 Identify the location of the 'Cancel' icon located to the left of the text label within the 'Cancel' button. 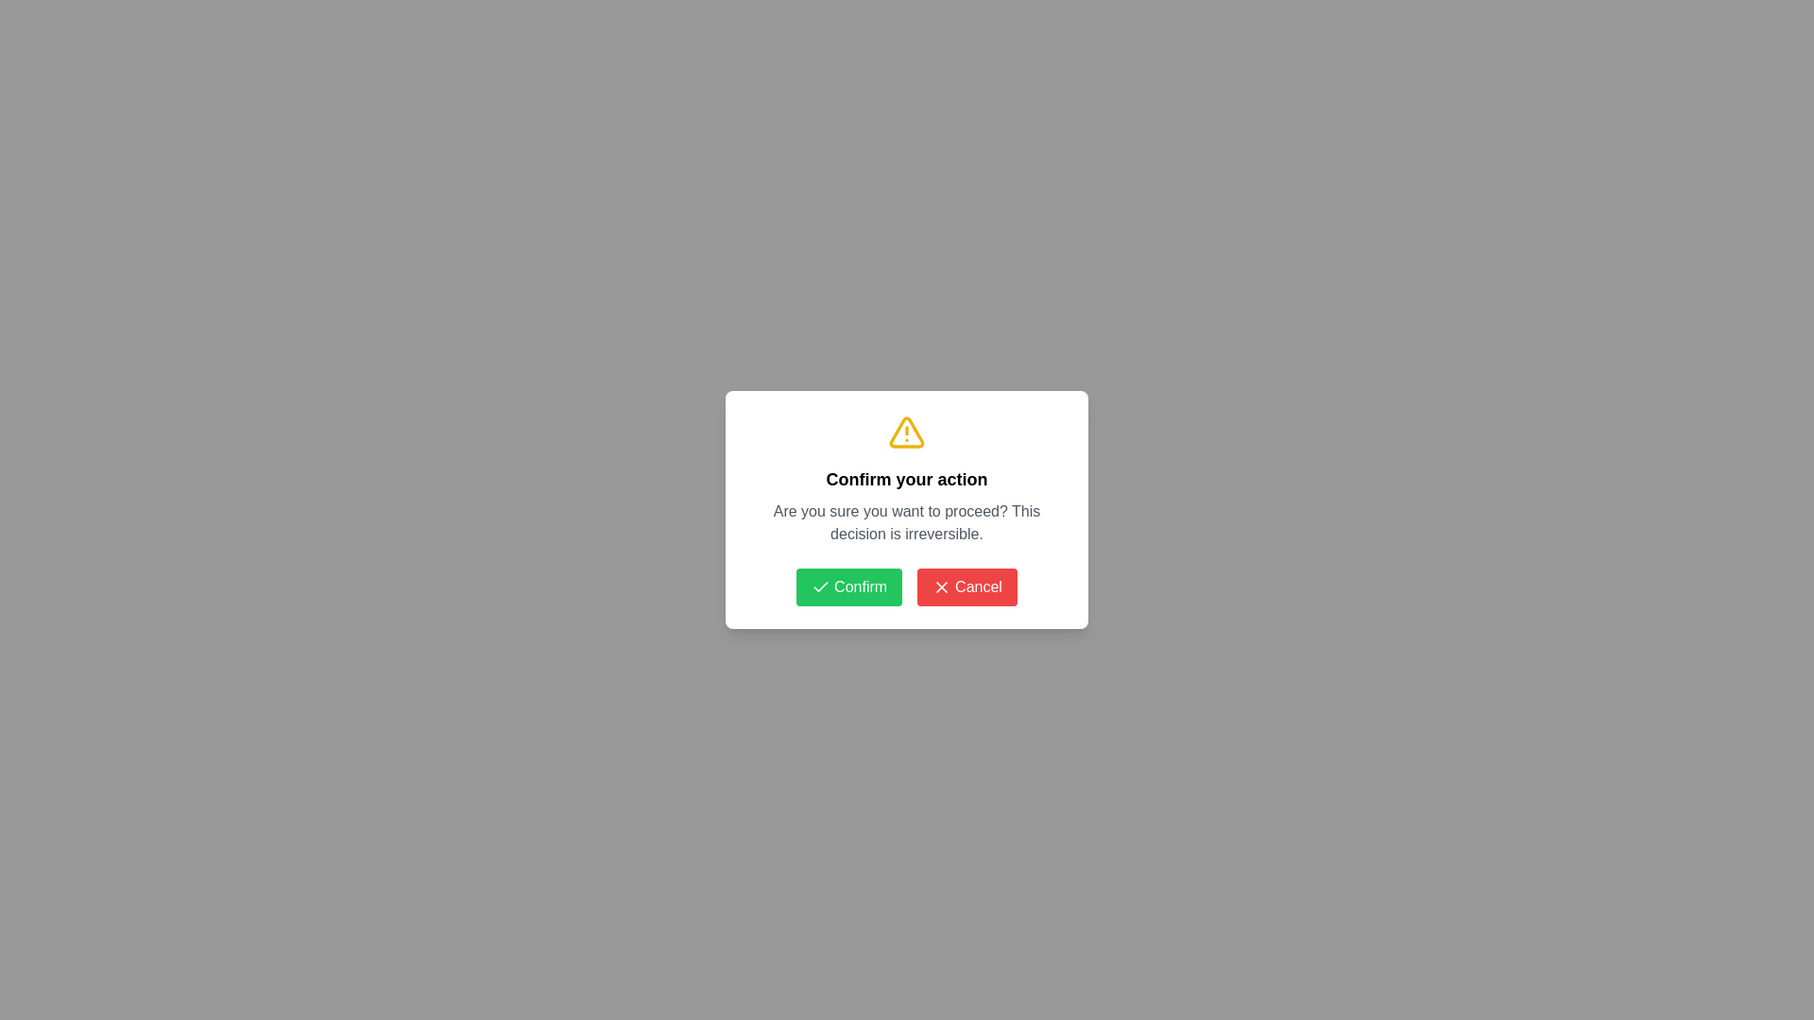
(942, 586).